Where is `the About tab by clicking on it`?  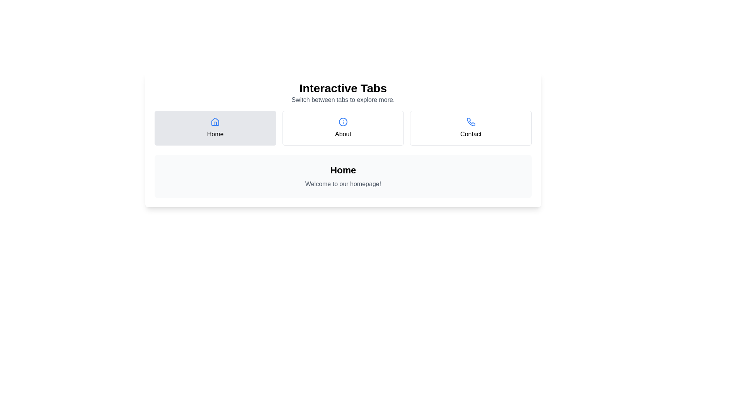
the About tab by clicking on it is located at coordinates (343, 127).